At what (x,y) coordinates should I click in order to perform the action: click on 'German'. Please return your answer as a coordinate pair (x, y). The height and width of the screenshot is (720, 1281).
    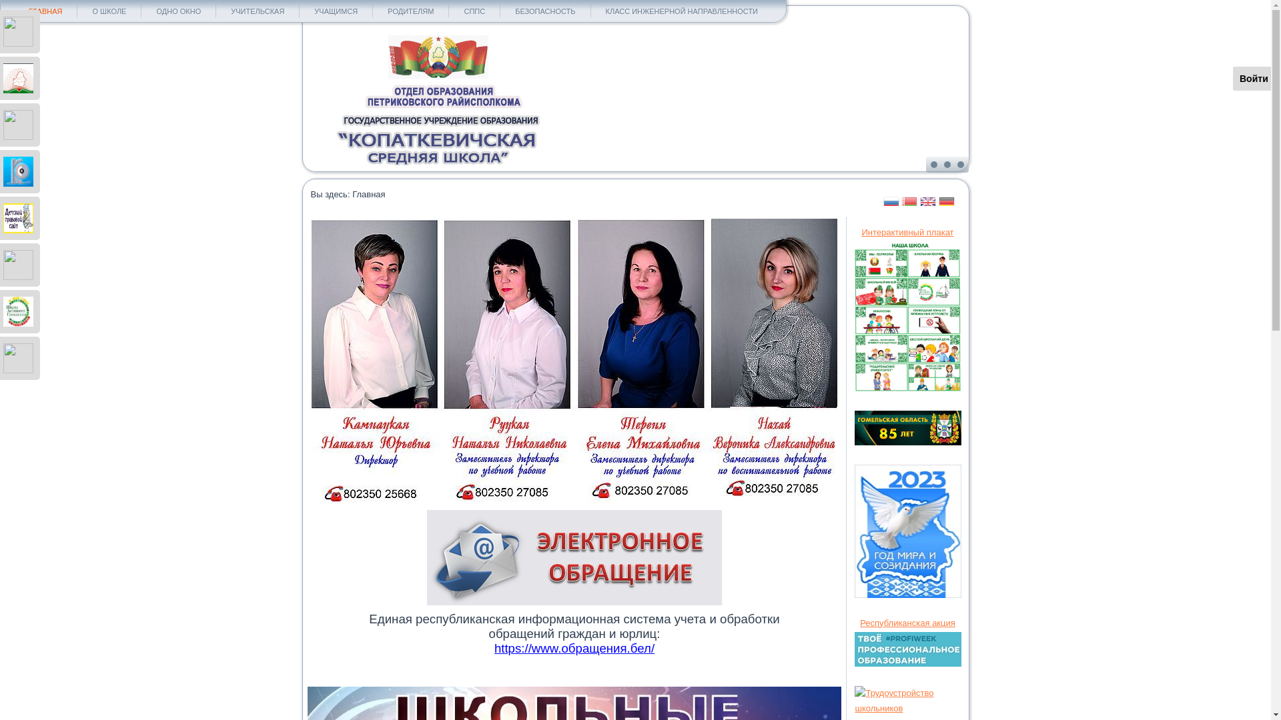
    Looking at the image, I should click on (946, 200).